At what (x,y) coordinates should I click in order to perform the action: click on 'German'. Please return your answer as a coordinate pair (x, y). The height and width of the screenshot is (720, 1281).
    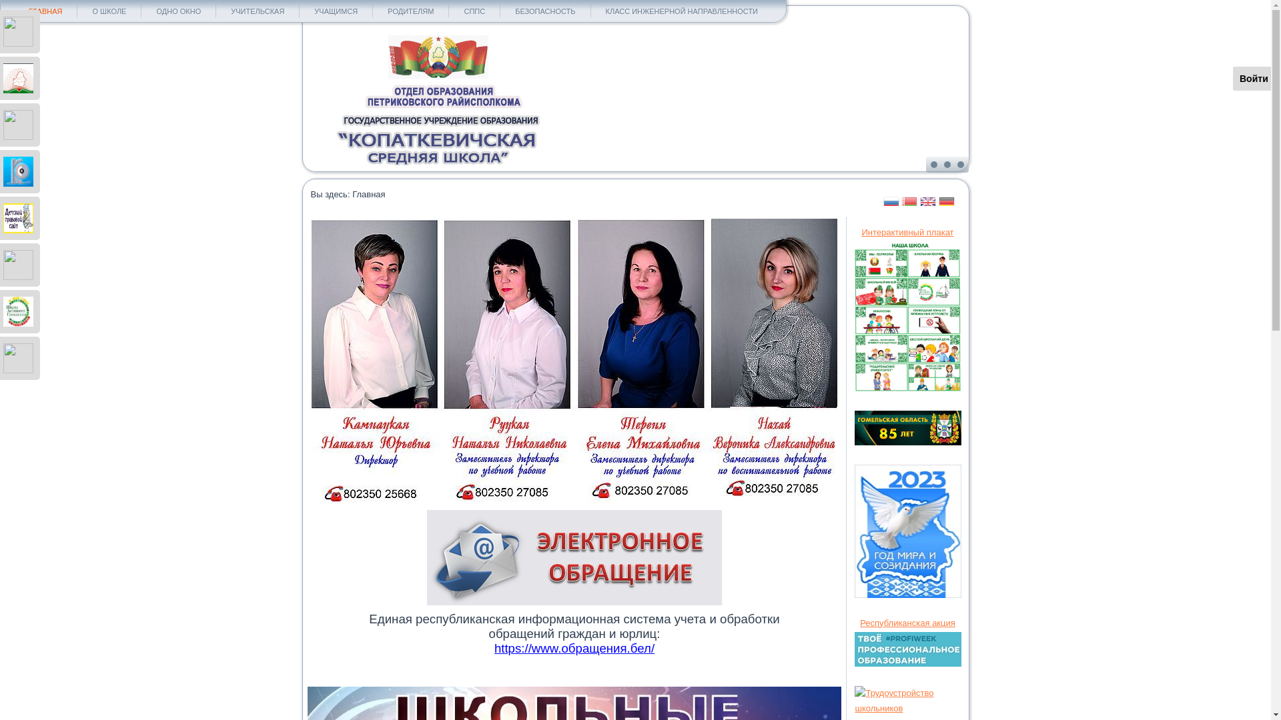
    Looking at the image, I should click on (946, 200).